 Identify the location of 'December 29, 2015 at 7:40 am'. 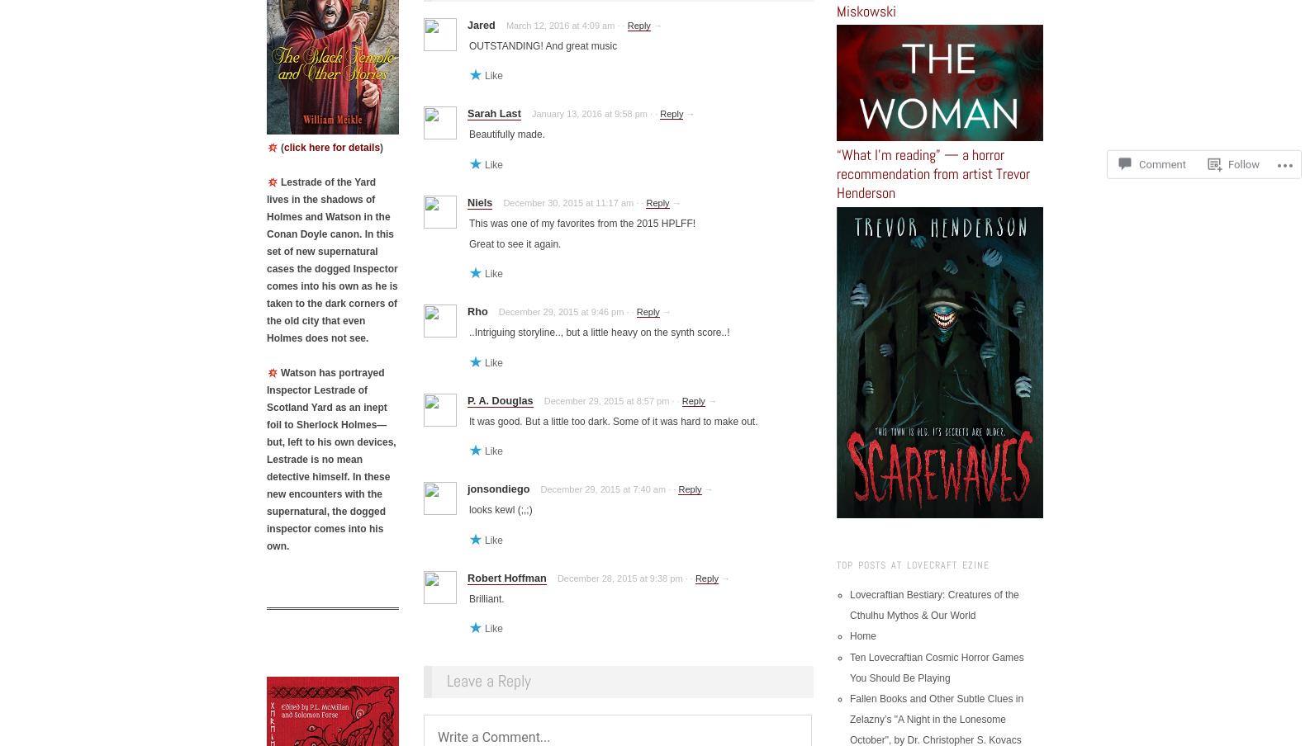
(602, 489).